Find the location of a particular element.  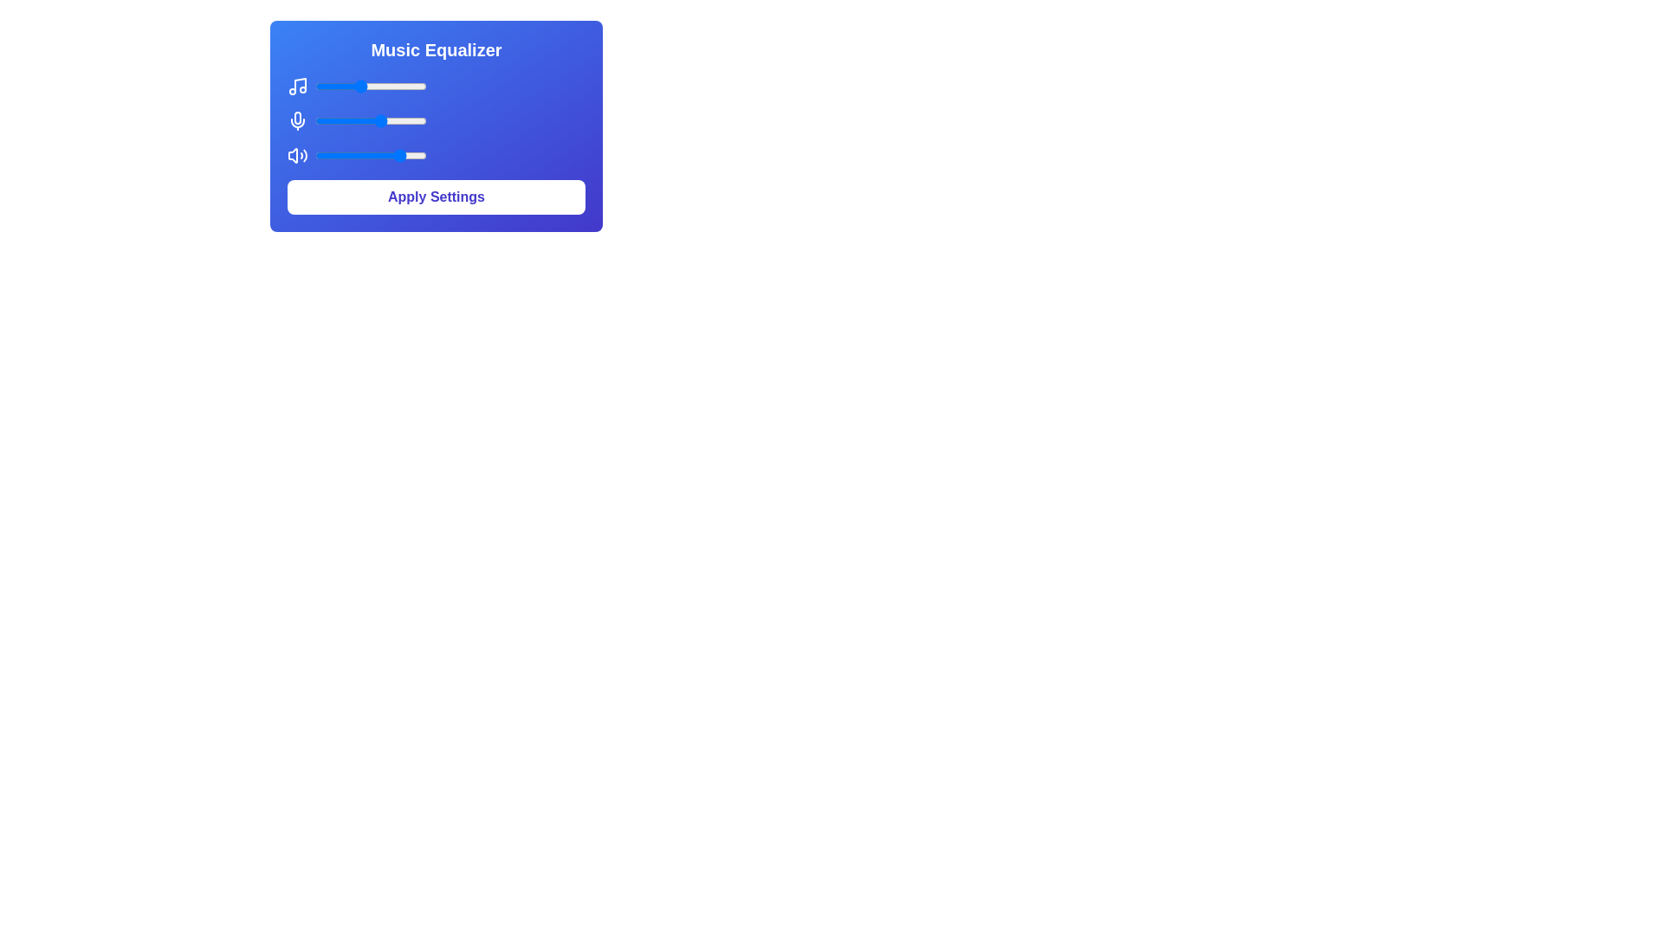

the slider value is located at coordinates (406, 119).